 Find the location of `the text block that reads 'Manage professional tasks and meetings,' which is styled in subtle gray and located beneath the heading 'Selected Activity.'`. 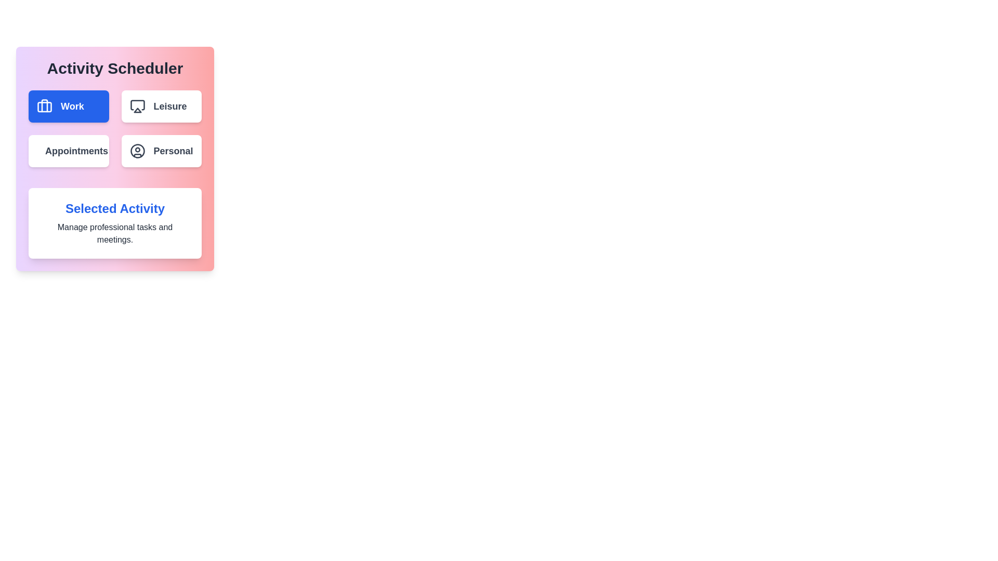

the text block that reads 'Manage professional tasks and meetings,' which is styled in subtle gray and located beneath the heading 'Selected Activity.' is located at coordinates (115, 234).